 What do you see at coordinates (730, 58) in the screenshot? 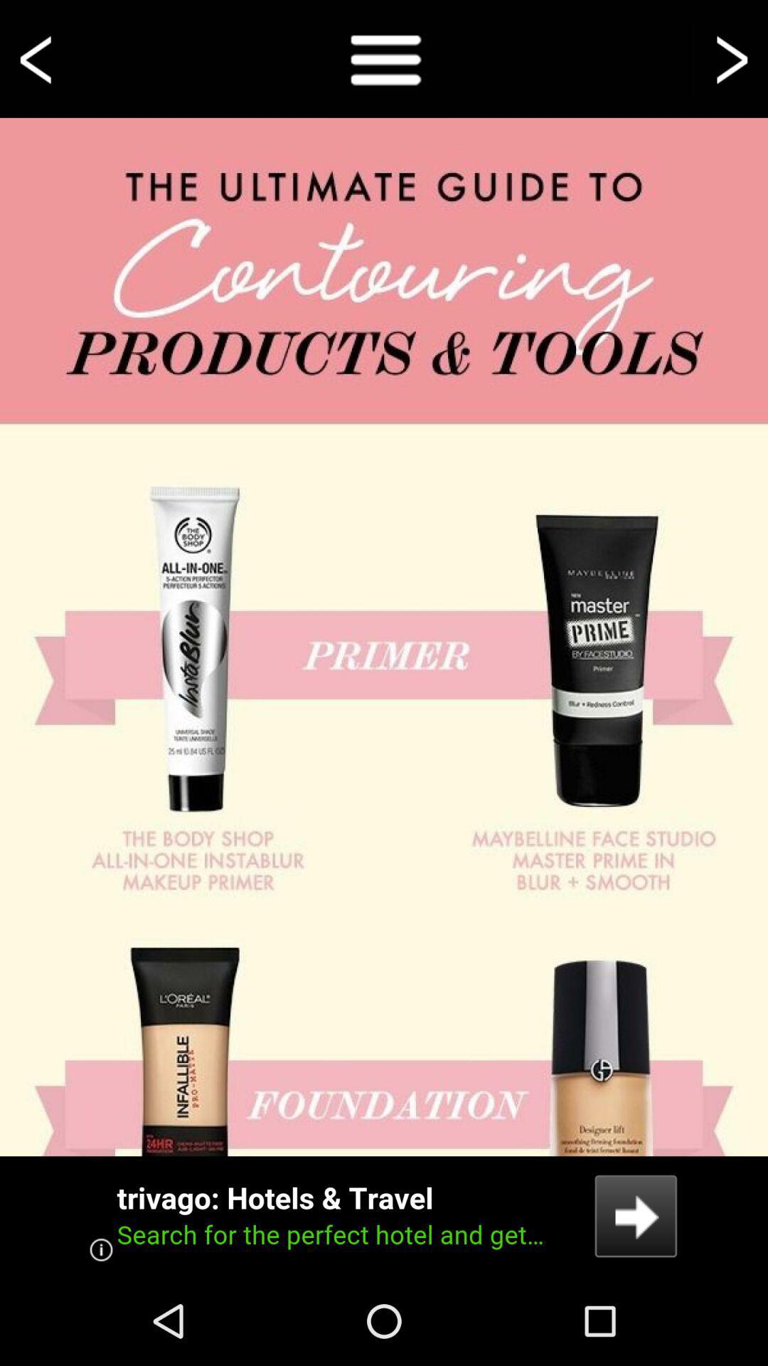
I see `forward` at bounding box center [730, 58].